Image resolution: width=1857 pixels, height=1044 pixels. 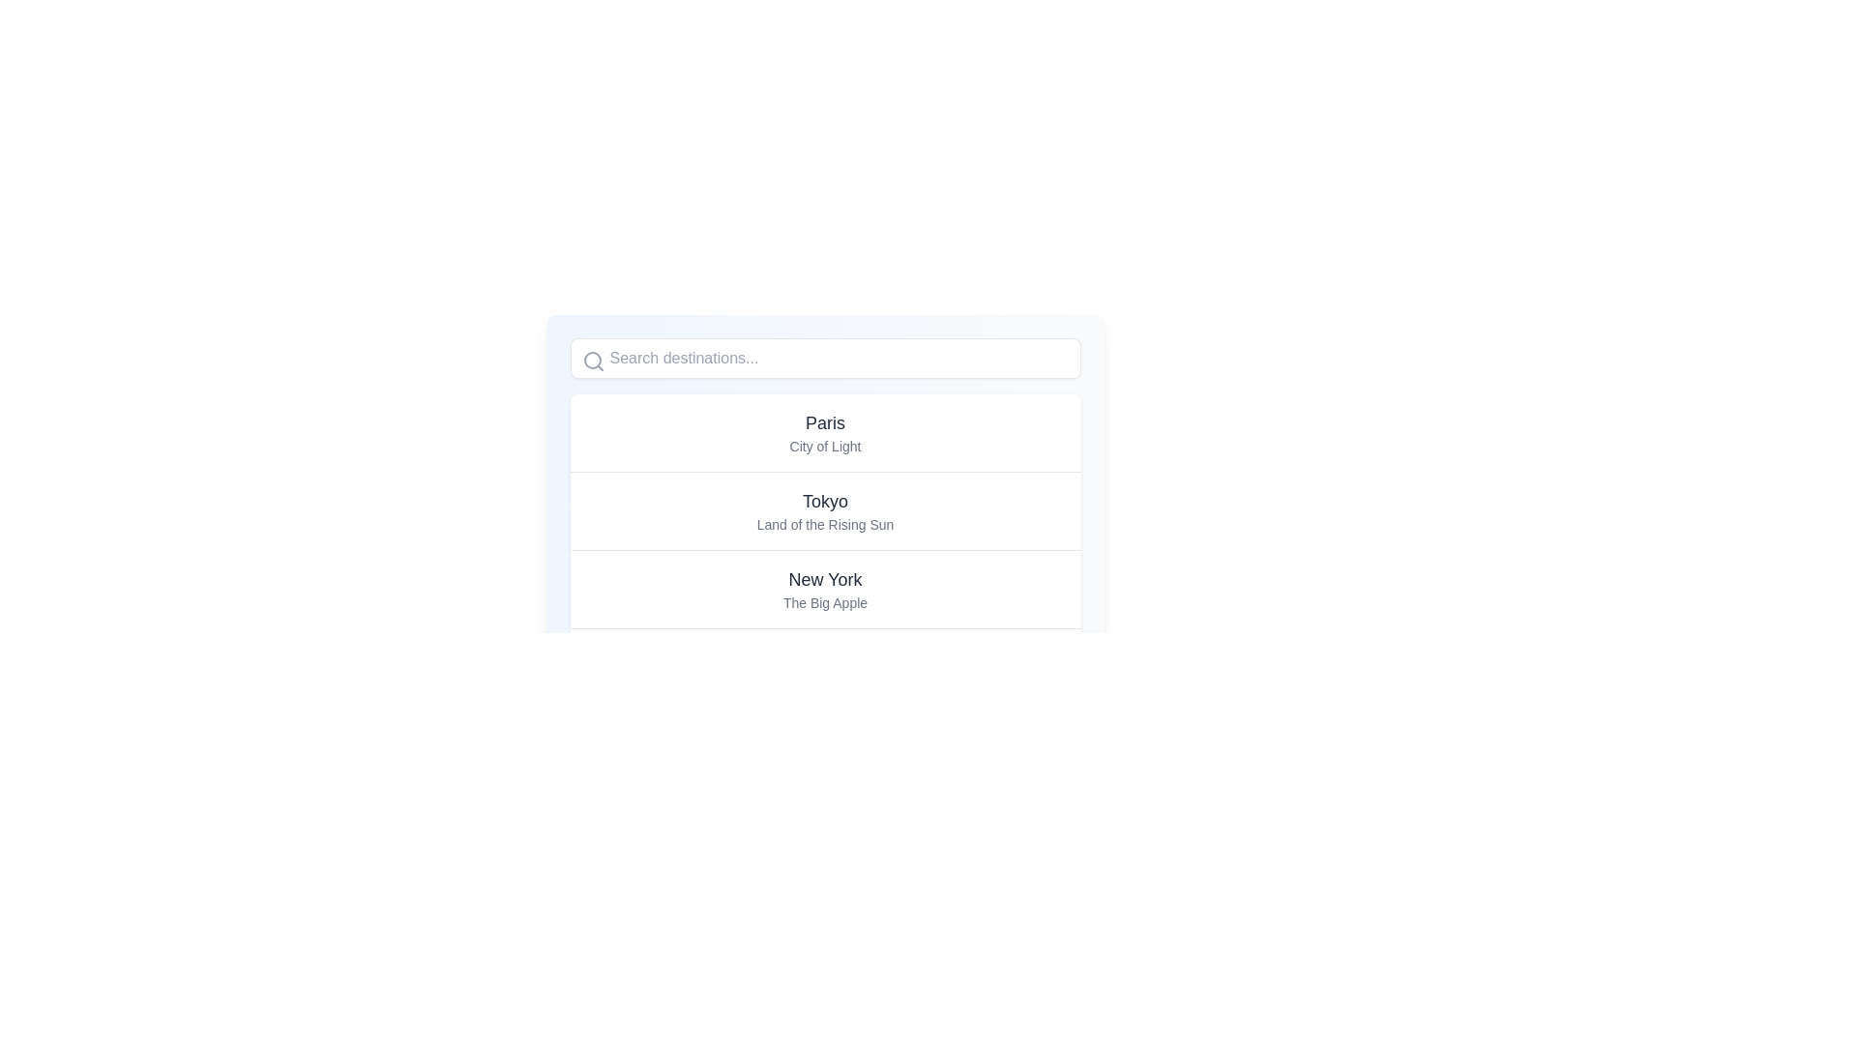 I want to click on text label displaying 'Tokyo', which is a larger, bold, dark gray font positioned centrally above the description 'Land of the Rising Sun', so click(x=825, y=501).